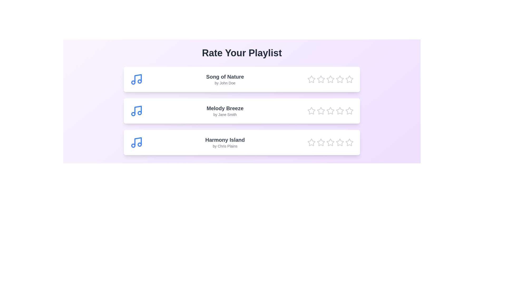 The height and width of the screenshot is (284, 506). What do you see at coordinates (225, 77) in the screenshot?
I see `the song title to read detailed information about the song` at bounding box center [225, 77].